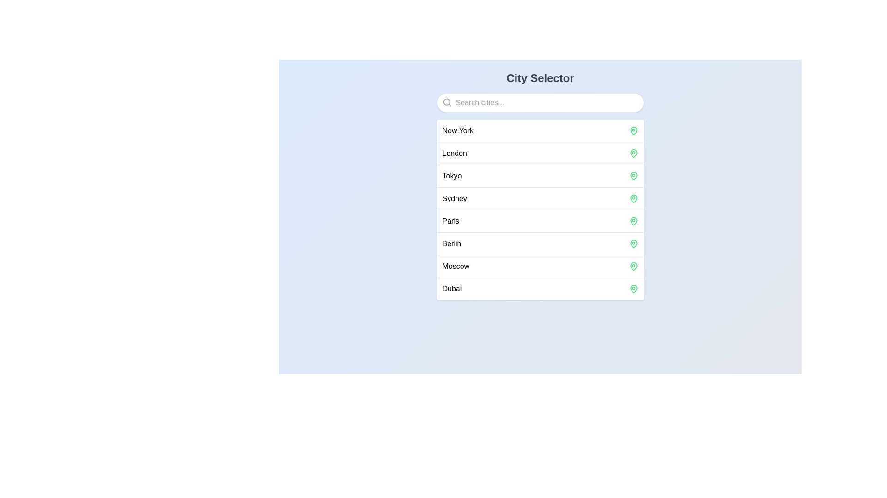 The height and width of the screenshot is (498, 887). Describe the element at coordinates (540, 288) in the screenshot. I see `the last item in the vertical list representing the city option for 'Dubai'` at that location.